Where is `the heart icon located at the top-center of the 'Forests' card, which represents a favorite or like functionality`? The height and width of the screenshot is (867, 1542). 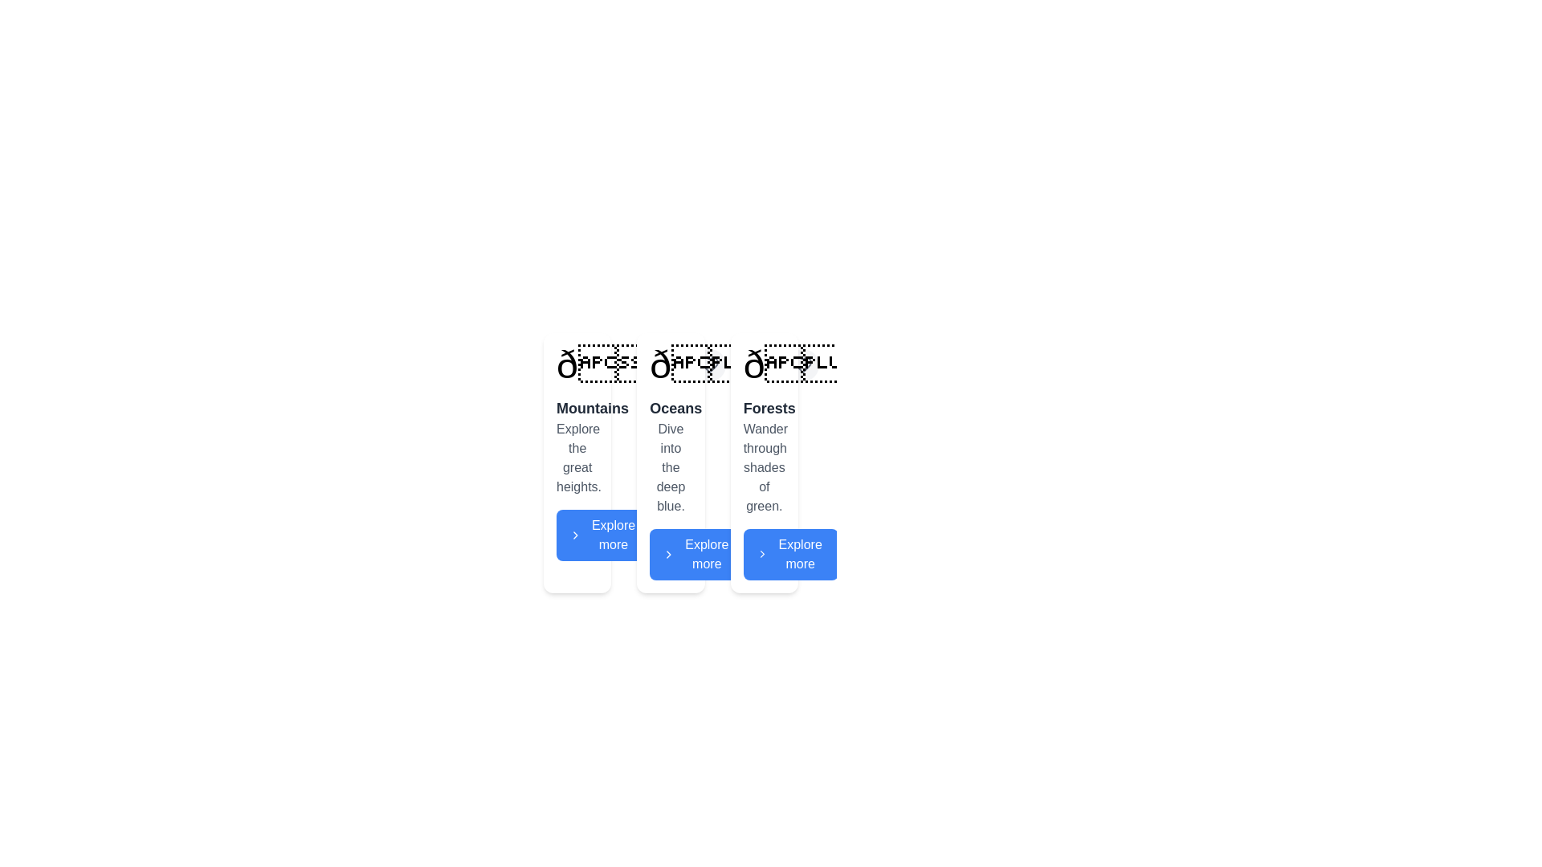
the heart icon located at the top-center of the 'Forests' card, which represents a favorite or like functionality is located at coordinates (802, 365).